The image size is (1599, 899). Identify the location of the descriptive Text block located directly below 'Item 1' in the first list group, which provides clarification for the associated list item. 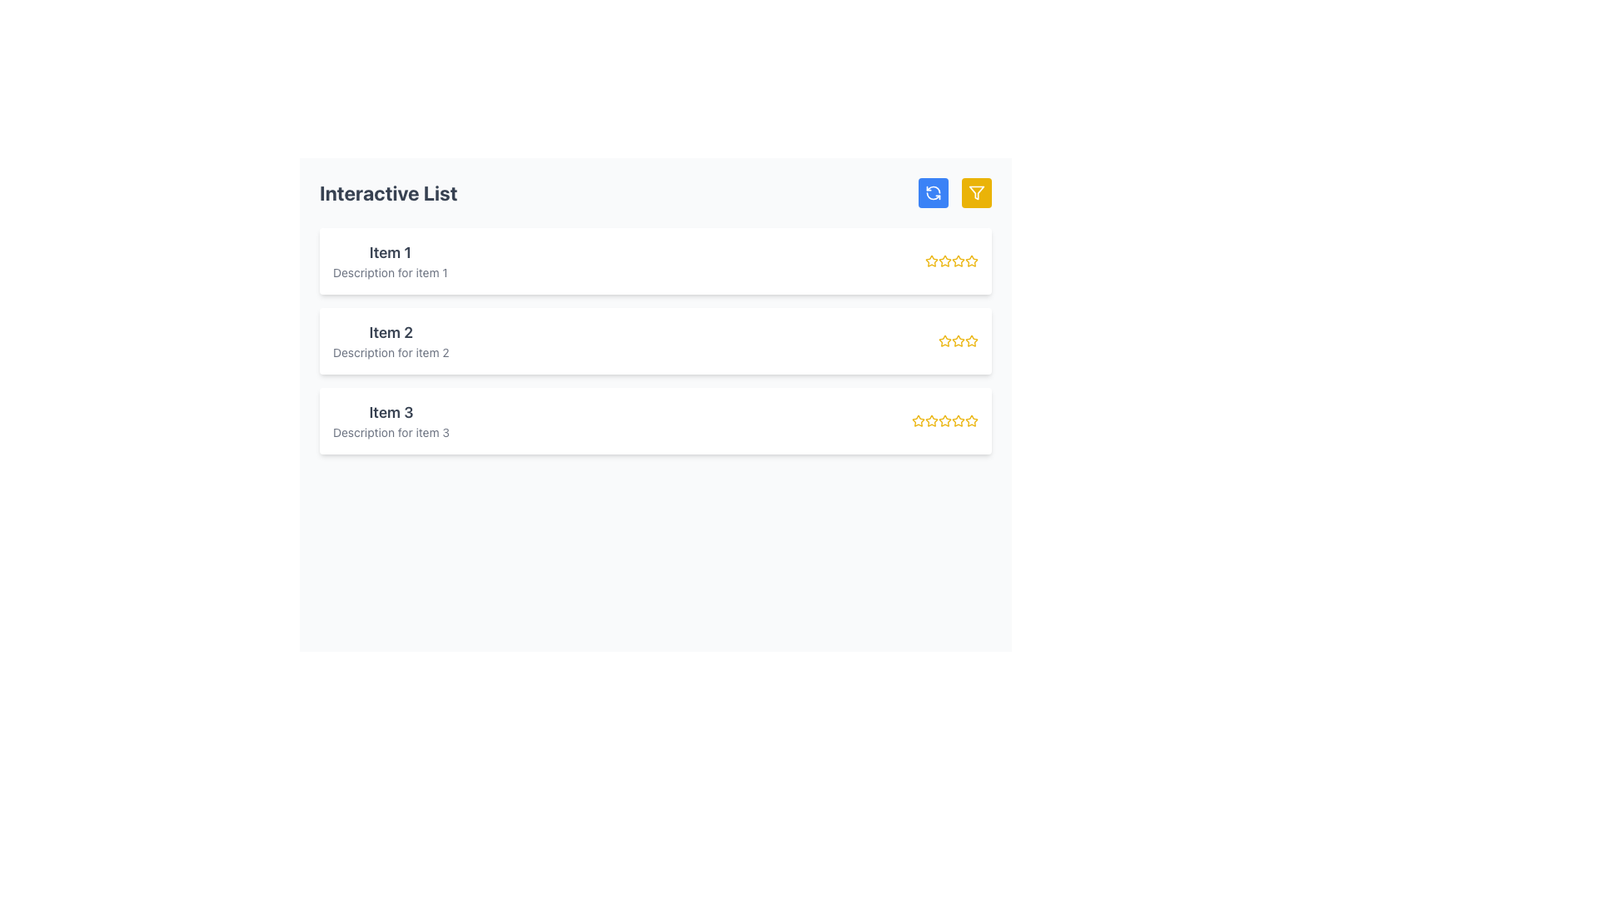
(389, 271).